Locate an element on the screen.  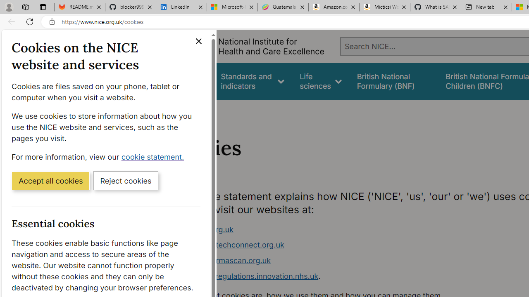
'Close cookie banner' is located at coordinates (198, 41).